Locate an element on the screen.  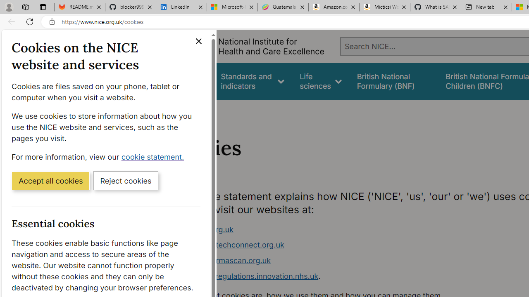
'Close cookie banner' is located at coordinates (198, 41).